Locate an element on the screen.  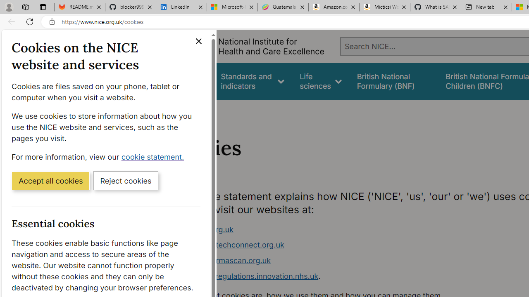
'Close cookie banner' is located at coordinates (198, 41).